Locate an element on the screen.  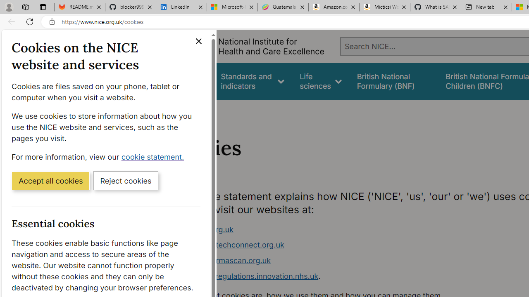
'Close cookie banner' is located at coordinates (198, 41).